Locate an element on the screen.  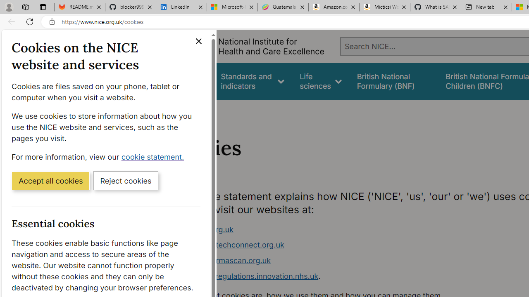
'Close cookie banner' is located at coordinates (198, 41).